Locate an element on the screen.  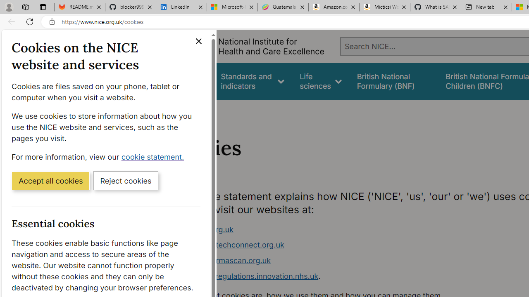
'Close cookie banner' is located at coordinates (198, 41).